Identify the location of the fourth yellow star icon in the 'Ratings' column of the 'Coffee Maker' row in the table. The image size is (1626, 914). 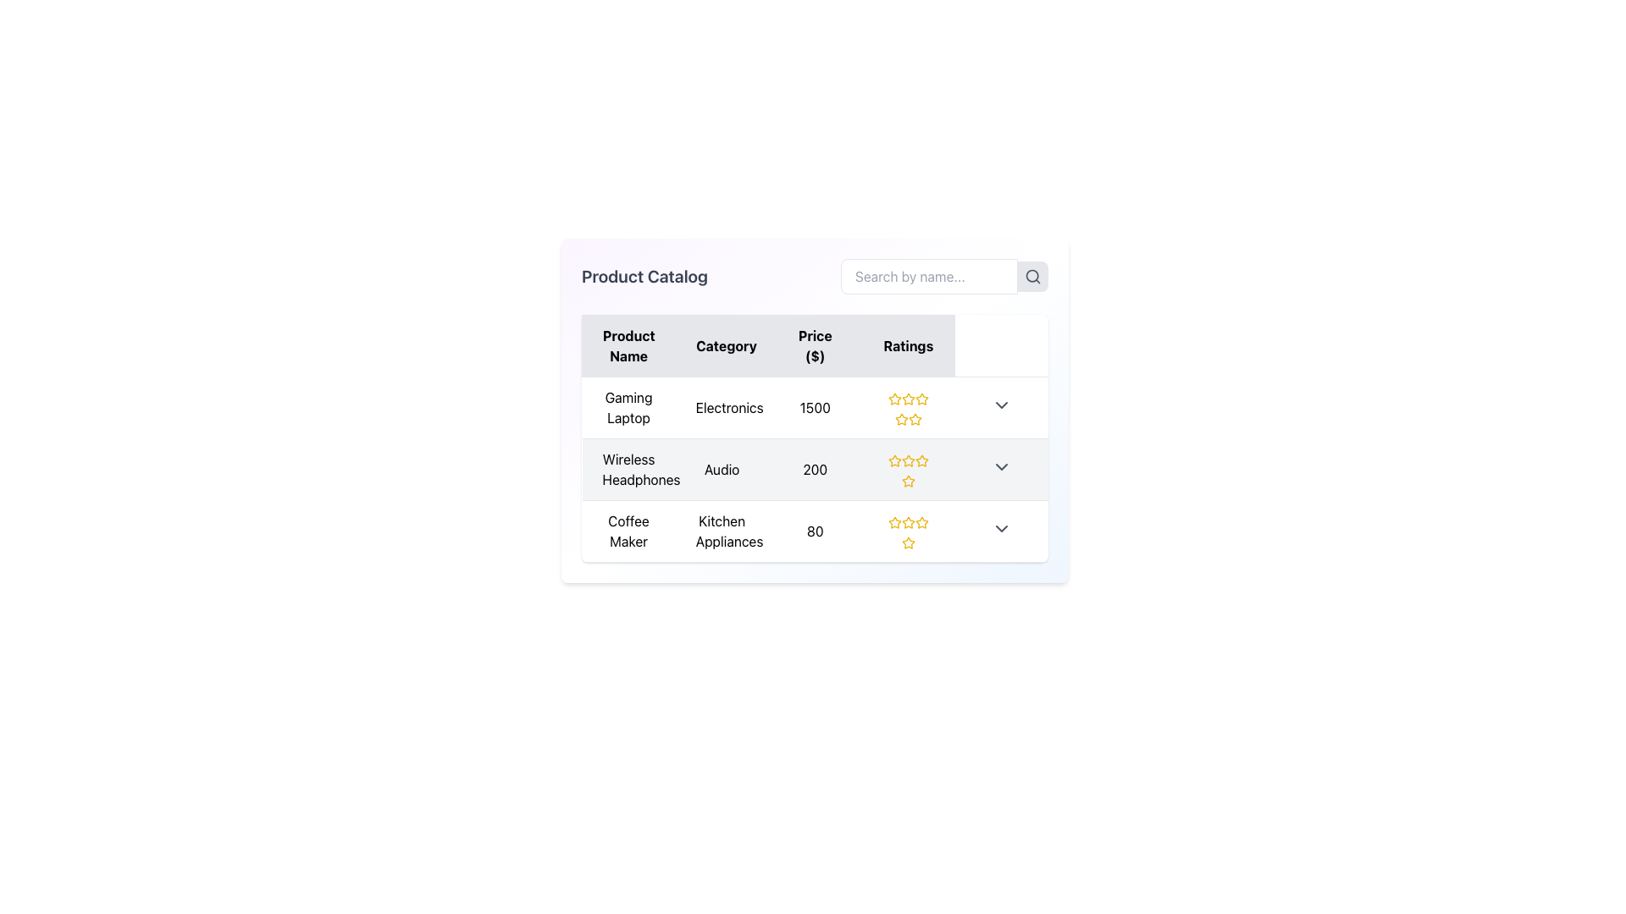
(907, 542).